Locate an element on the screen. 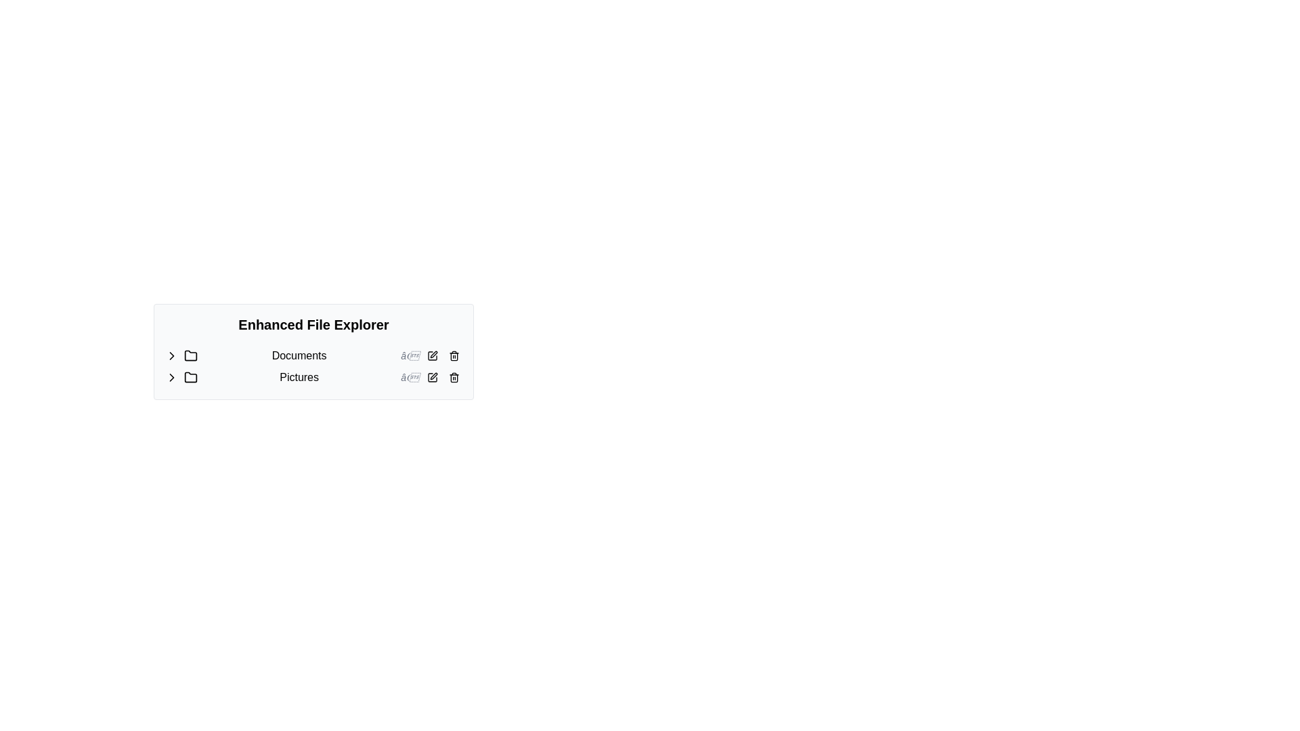  the button with a pen icon, located in the second row to the right of 'Pictures', to observe its hover effect is located at coordinates (431, 378).